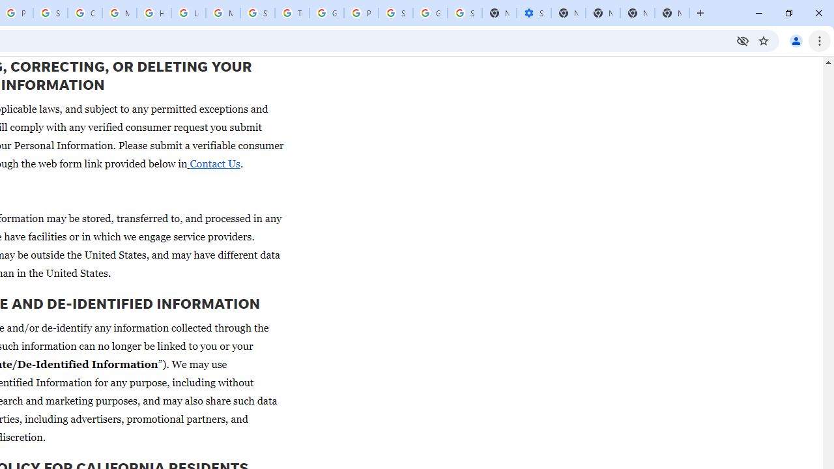 The width and height of the screenshot is (834, 469). I want to click on 'Settings - Performance', so click(534, 13).